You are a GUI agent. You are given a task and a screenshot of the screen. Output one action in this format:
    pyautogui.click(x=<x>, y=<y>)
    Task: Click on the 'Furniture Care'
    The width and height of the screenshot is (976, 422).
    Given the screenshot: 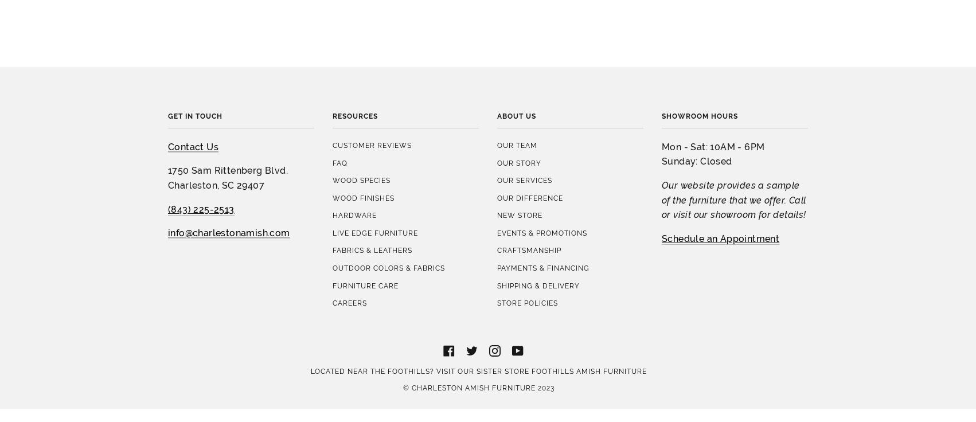 What is the action you would take?
    pyautogui.click(x=365, y=183)
    